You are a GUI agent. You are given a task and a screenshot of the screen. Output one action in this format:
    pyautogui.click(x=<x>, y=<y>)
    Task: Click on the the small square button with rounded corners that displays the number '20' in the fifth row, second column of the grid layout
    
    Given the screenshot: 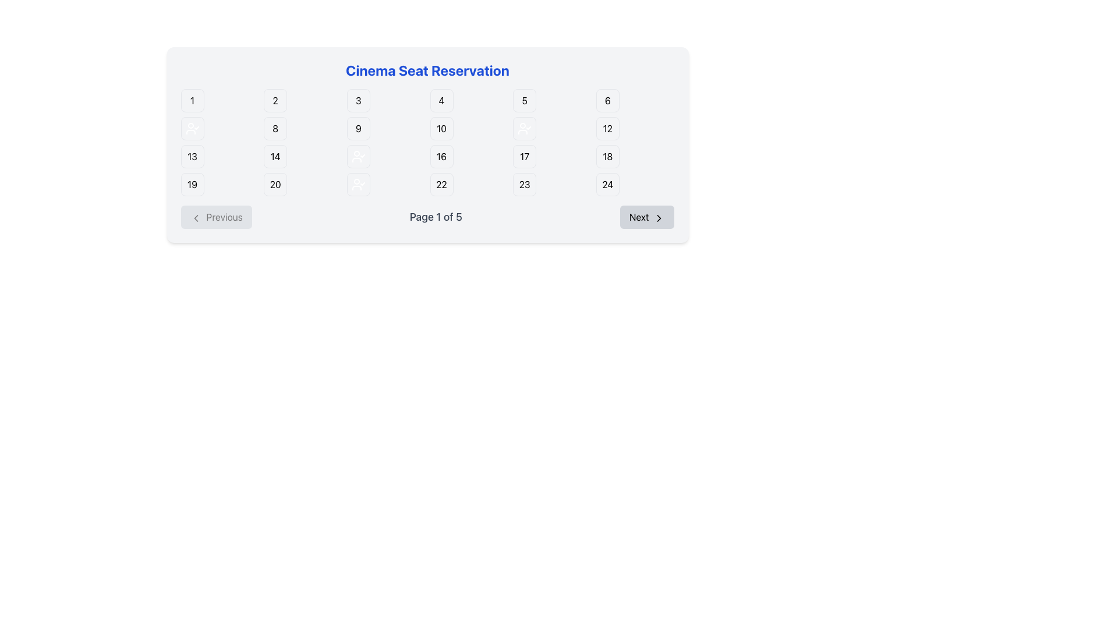 What is the action you would take?
    pyautogui.click(x=275, y=183)
    